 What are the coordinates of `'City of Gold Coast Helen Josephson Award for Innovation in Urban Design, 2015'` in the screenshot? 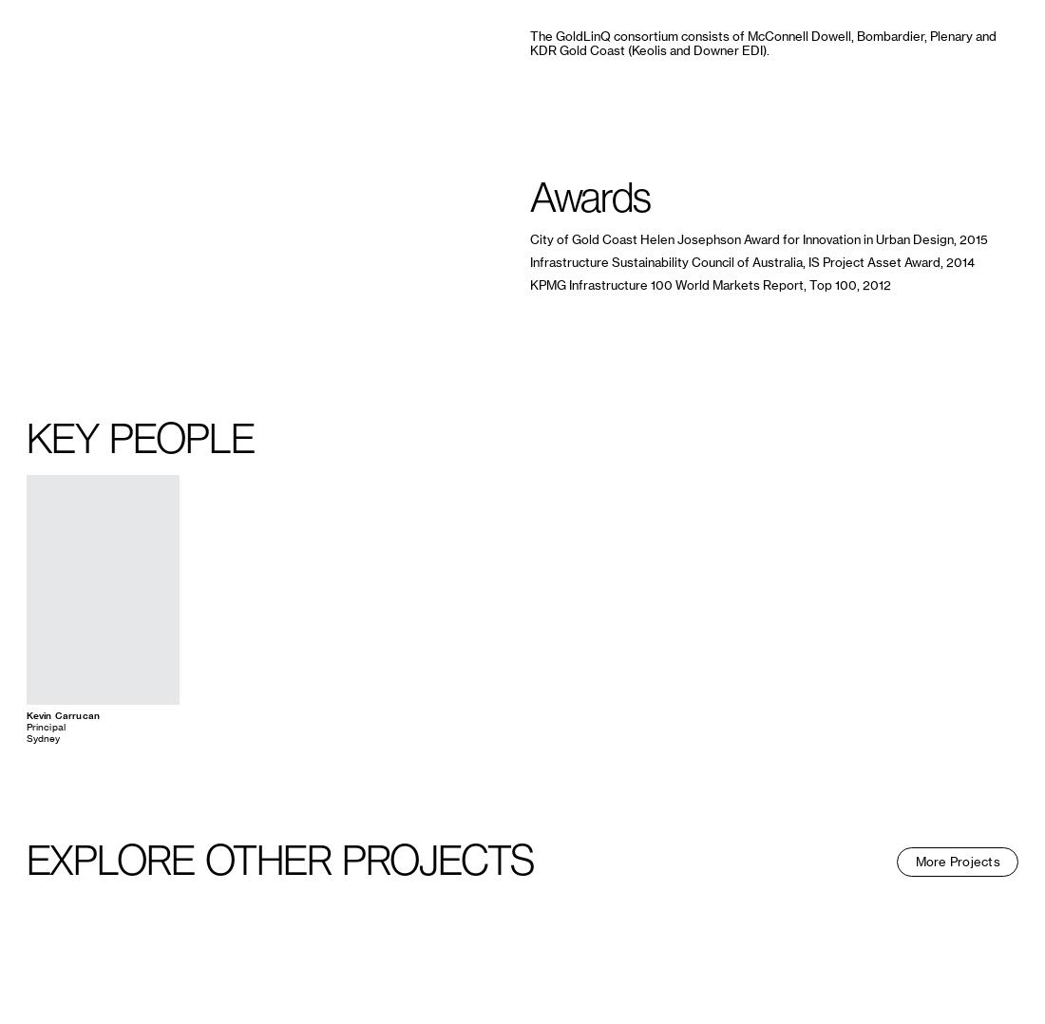 It's located at (758, 238).